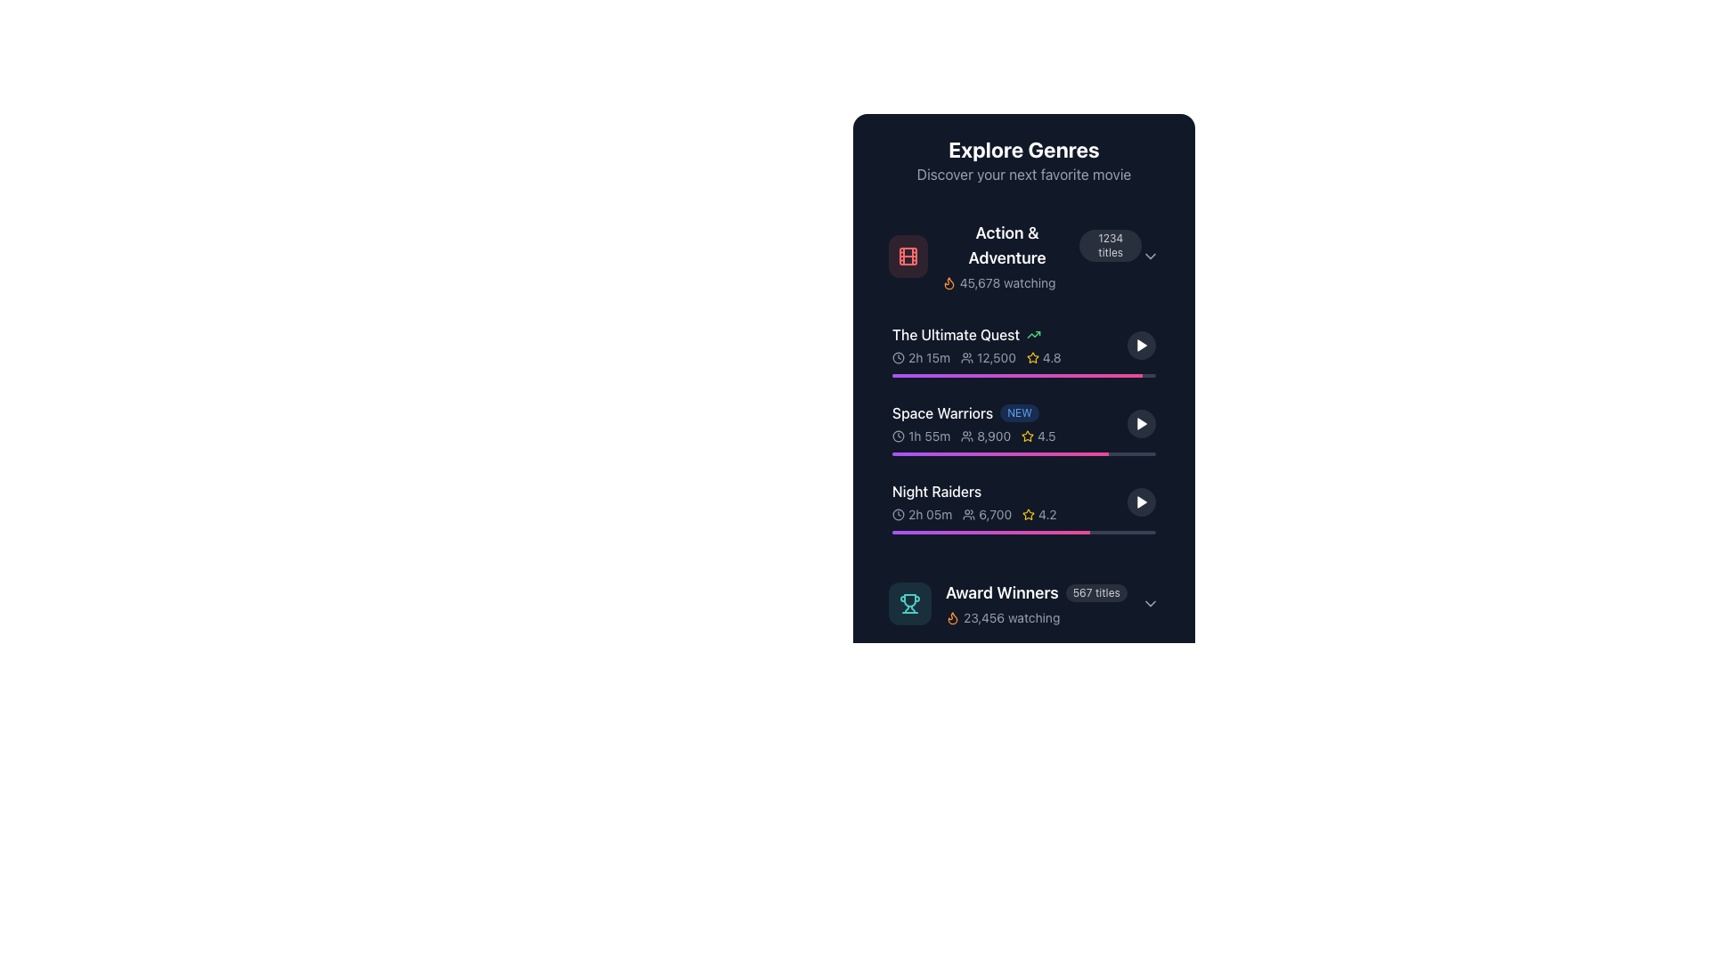 The height and width of the screenshot is (962, 1710). What do you see at coordinates (908, 257) in the screenshot?
I see `the square-shaped Icon Button with a film reel icon, which has a light red background and is located next to the text 'Action & Adventure'` at bounding box center [908, 257].